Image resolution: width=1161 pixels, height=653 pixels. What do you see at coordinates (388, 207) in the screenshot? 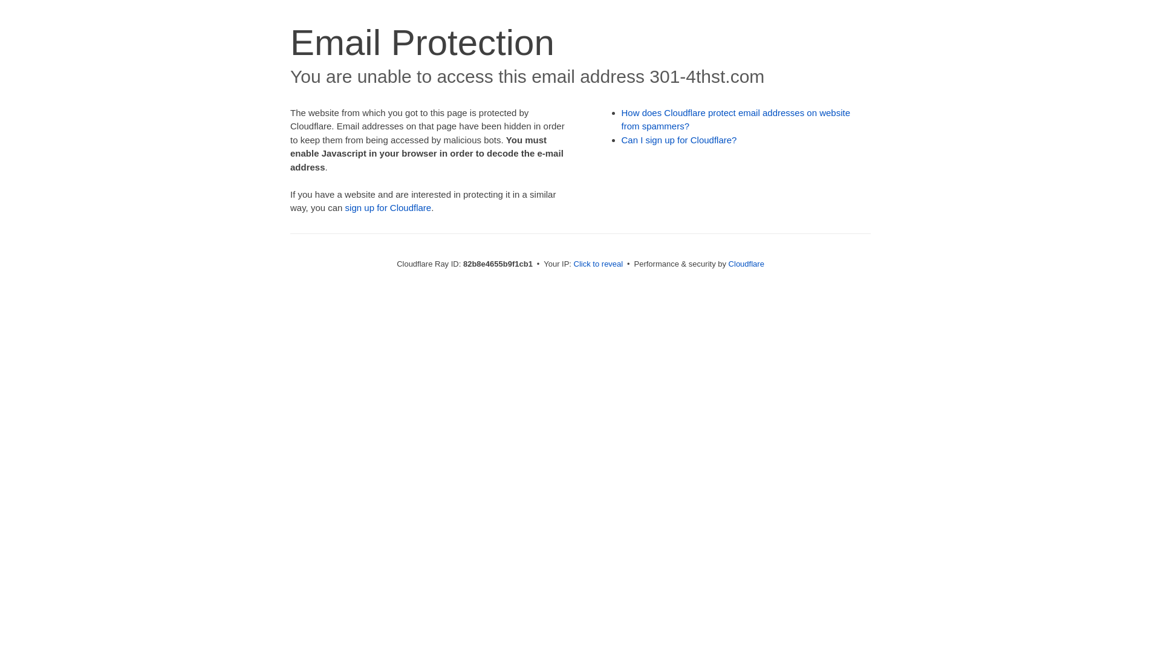
I see `'sign up for Cloudflare'` at bounding box center [388, 207].